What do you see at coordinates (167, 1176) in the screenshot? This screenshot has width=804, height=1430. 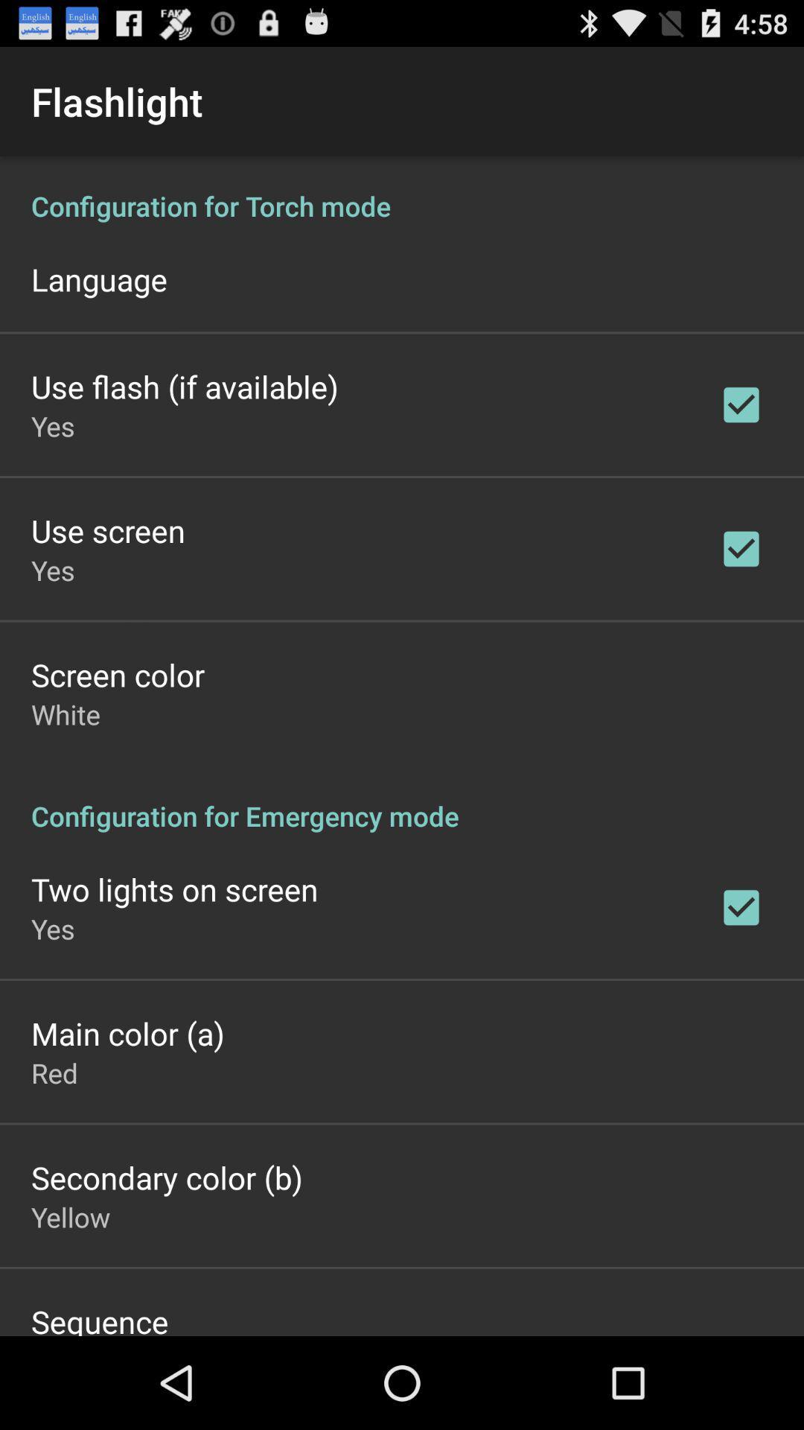 I see `the item below the red item` at bounding box center [167, 1176].